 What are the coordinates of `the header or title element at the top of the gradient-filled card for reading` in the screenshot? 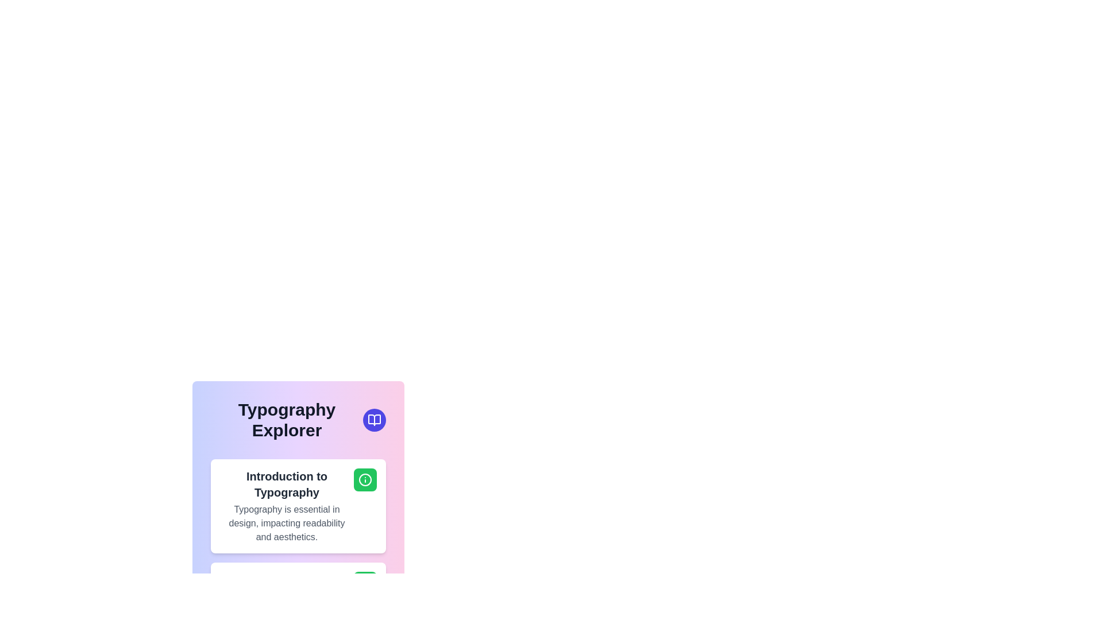 It's located at (298, 420).